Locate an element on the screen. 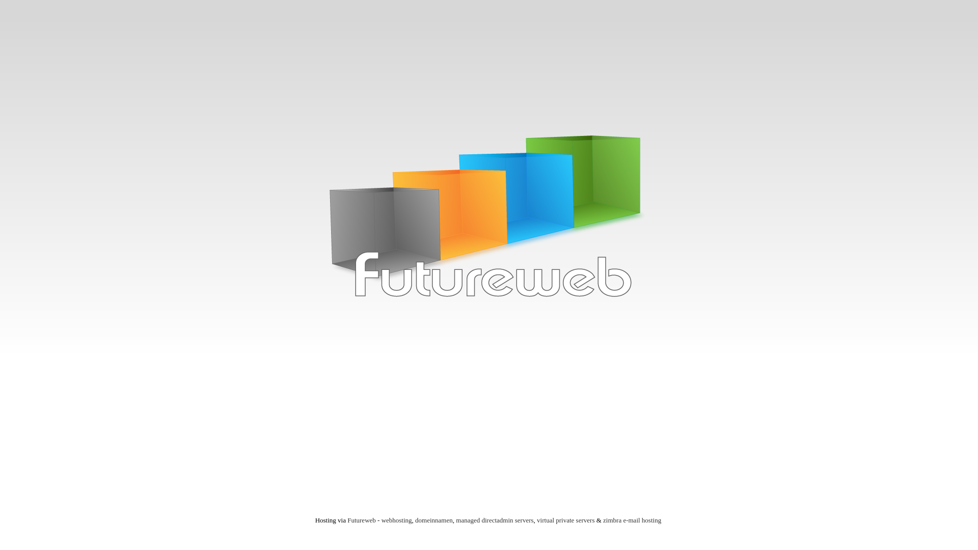 The height and width of the screenshot is (550, 978). 'managed directadmin servers' is located at coordinates (494, 520).